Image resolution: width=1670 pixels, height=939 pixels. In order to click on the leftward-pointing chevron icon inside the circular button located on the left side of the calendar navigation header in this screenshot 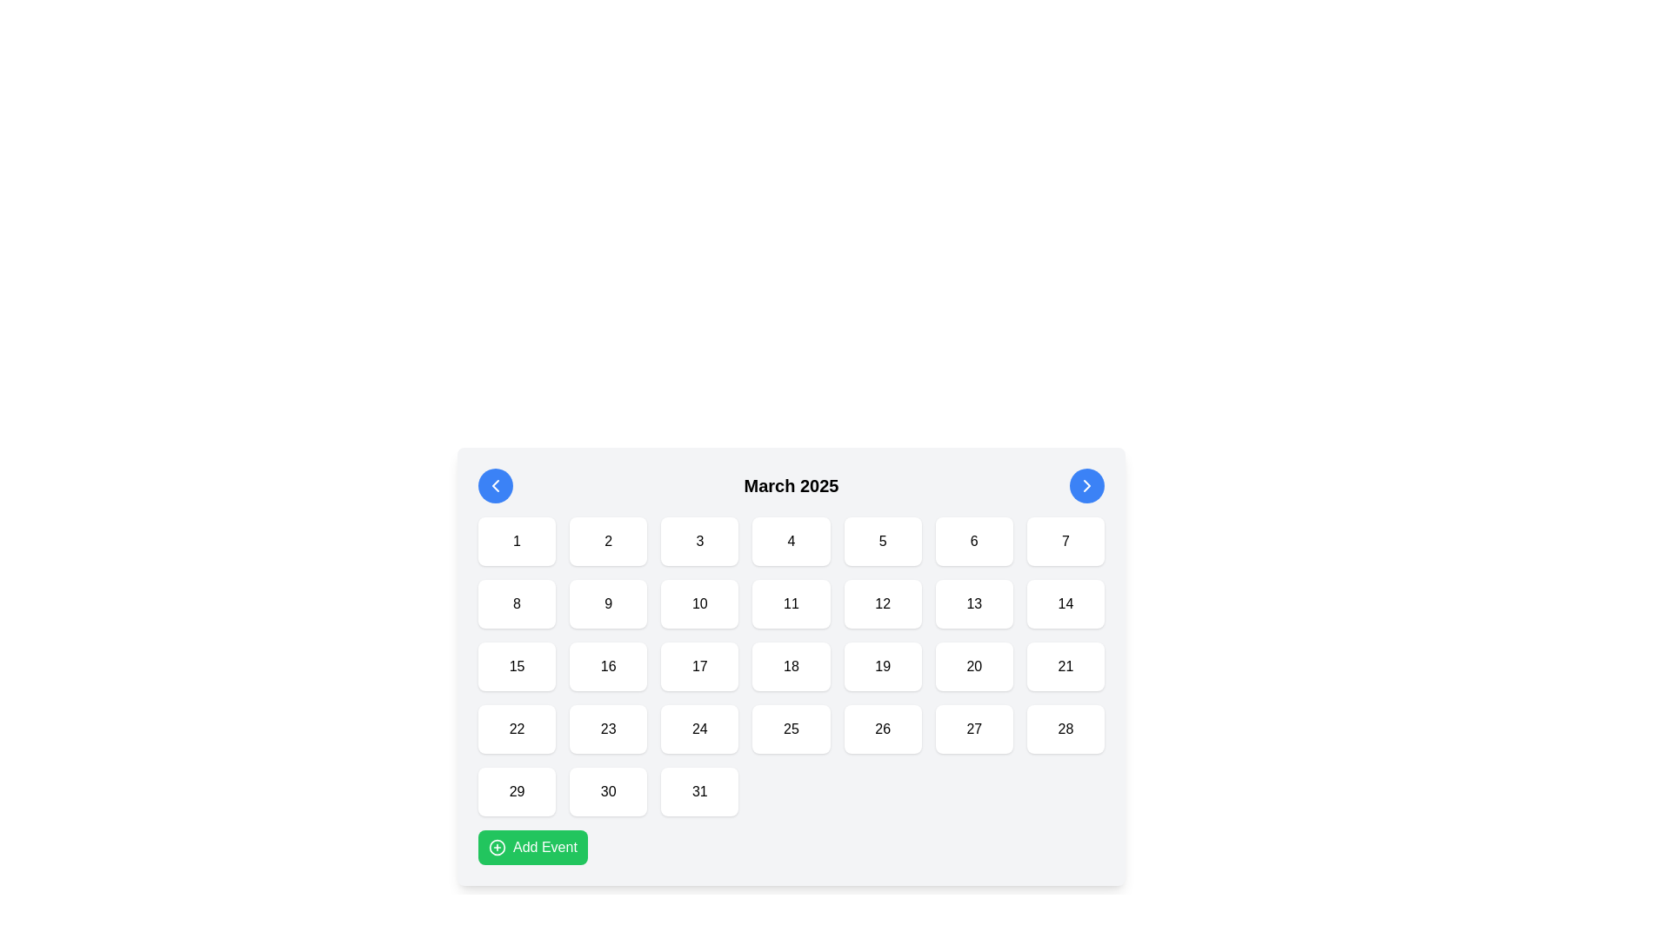, I will do `click(495, 486)`.